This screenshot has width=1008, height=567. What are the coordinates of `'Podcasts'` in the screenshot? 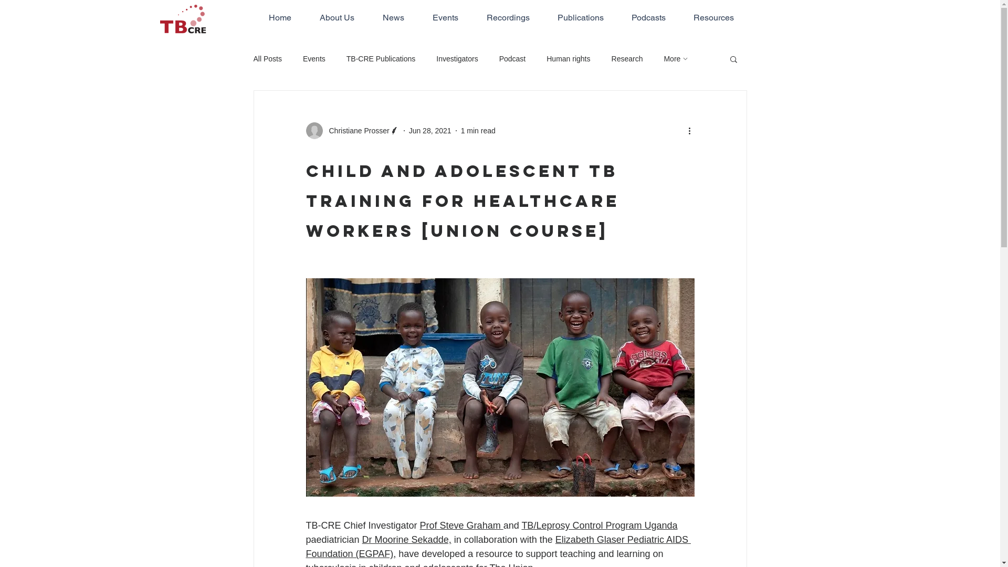 It's located at (647, 17).